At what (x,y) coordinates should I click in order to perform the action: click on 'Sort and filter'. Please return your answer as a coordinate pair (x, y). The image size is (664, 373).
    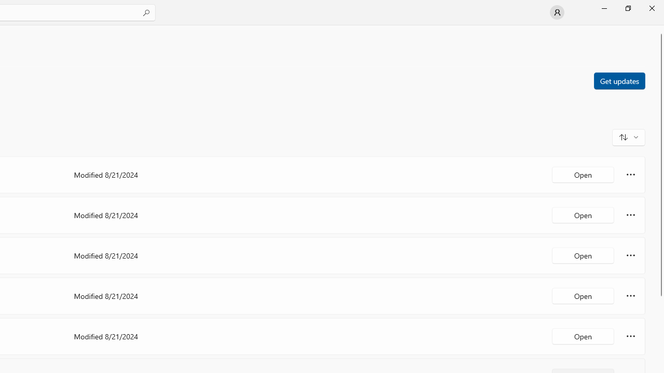
    Looking at the image, I should click on (628, 136).